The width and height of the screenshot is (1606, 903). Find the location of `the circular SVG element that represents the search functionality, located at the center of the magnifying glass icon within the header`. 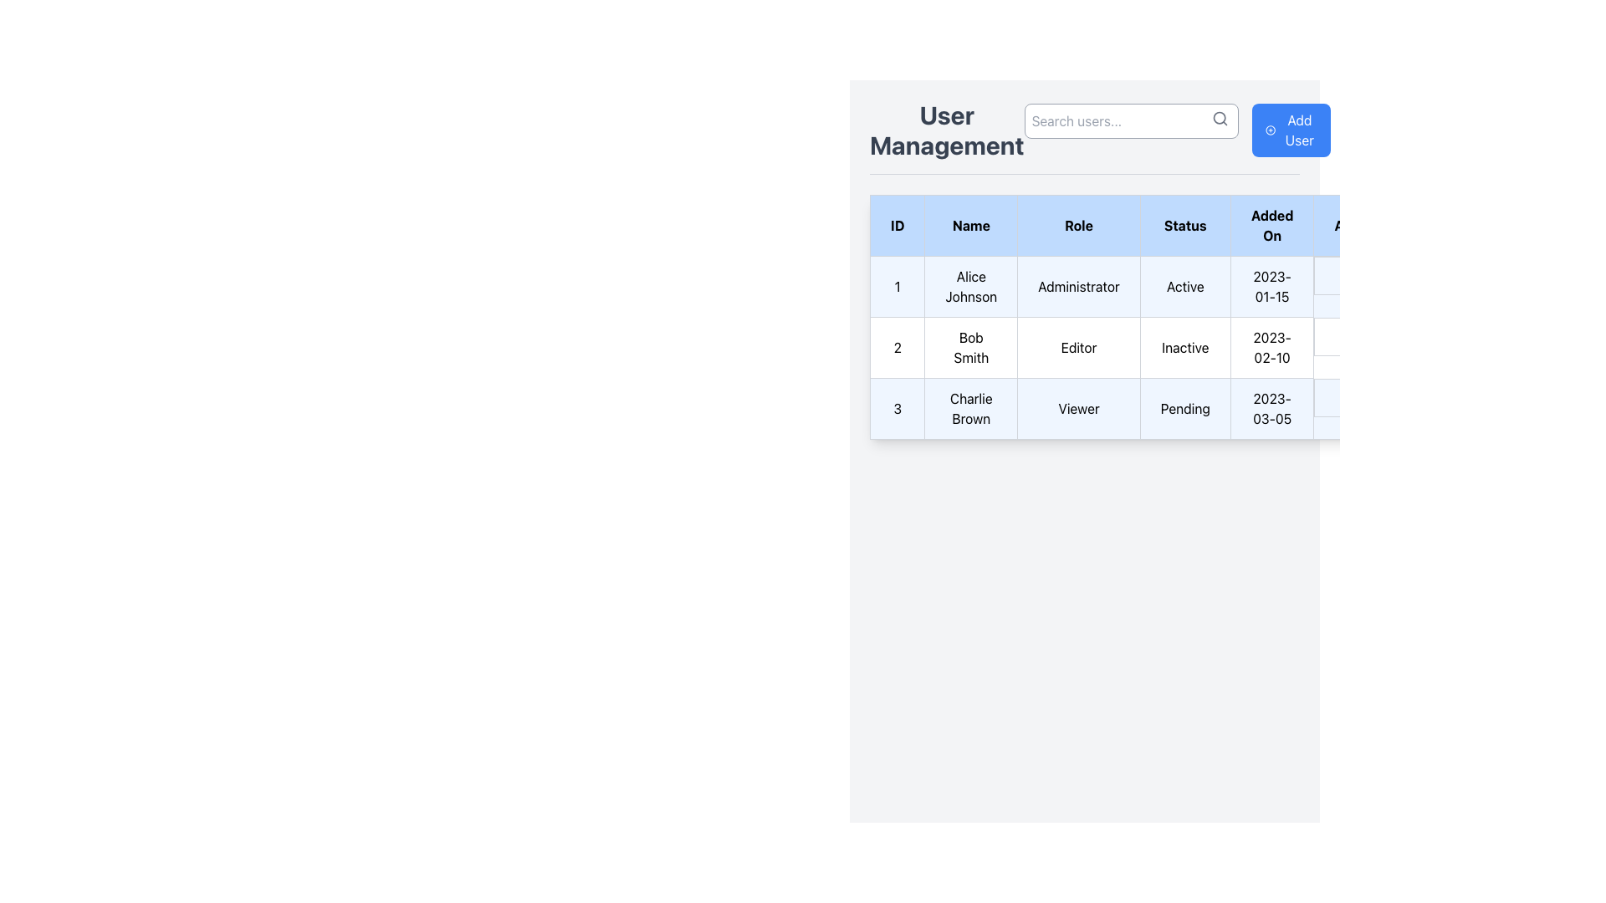

the circular SVG element that represents the search functionality, located at the center of the magnifying glass icon within the header is located at coordinates (1219, 117).